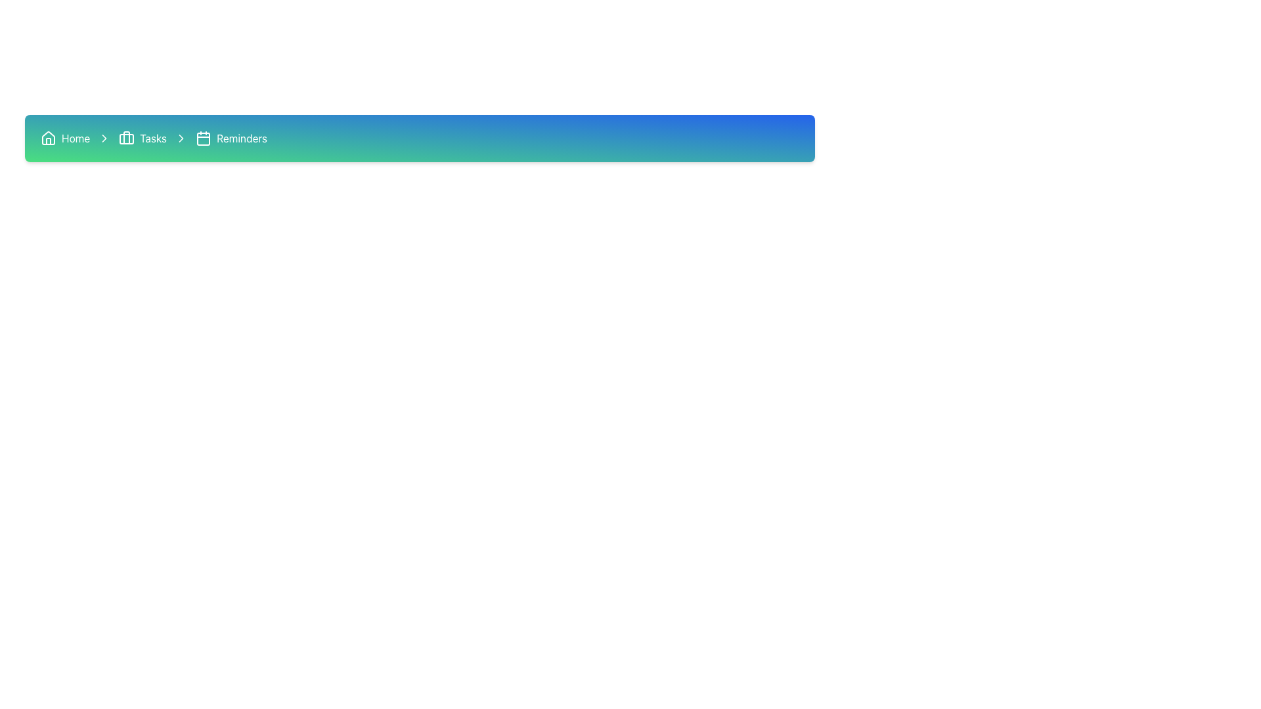 This screenshot has height=709, width=1261. Describe the element at coordinates (242, 139) in the screenshot. I see `the text label displaying 'Reminders' in the breadcrumb navigation bar, styled with white text and positioned after the 'Tasks' link` at that location.